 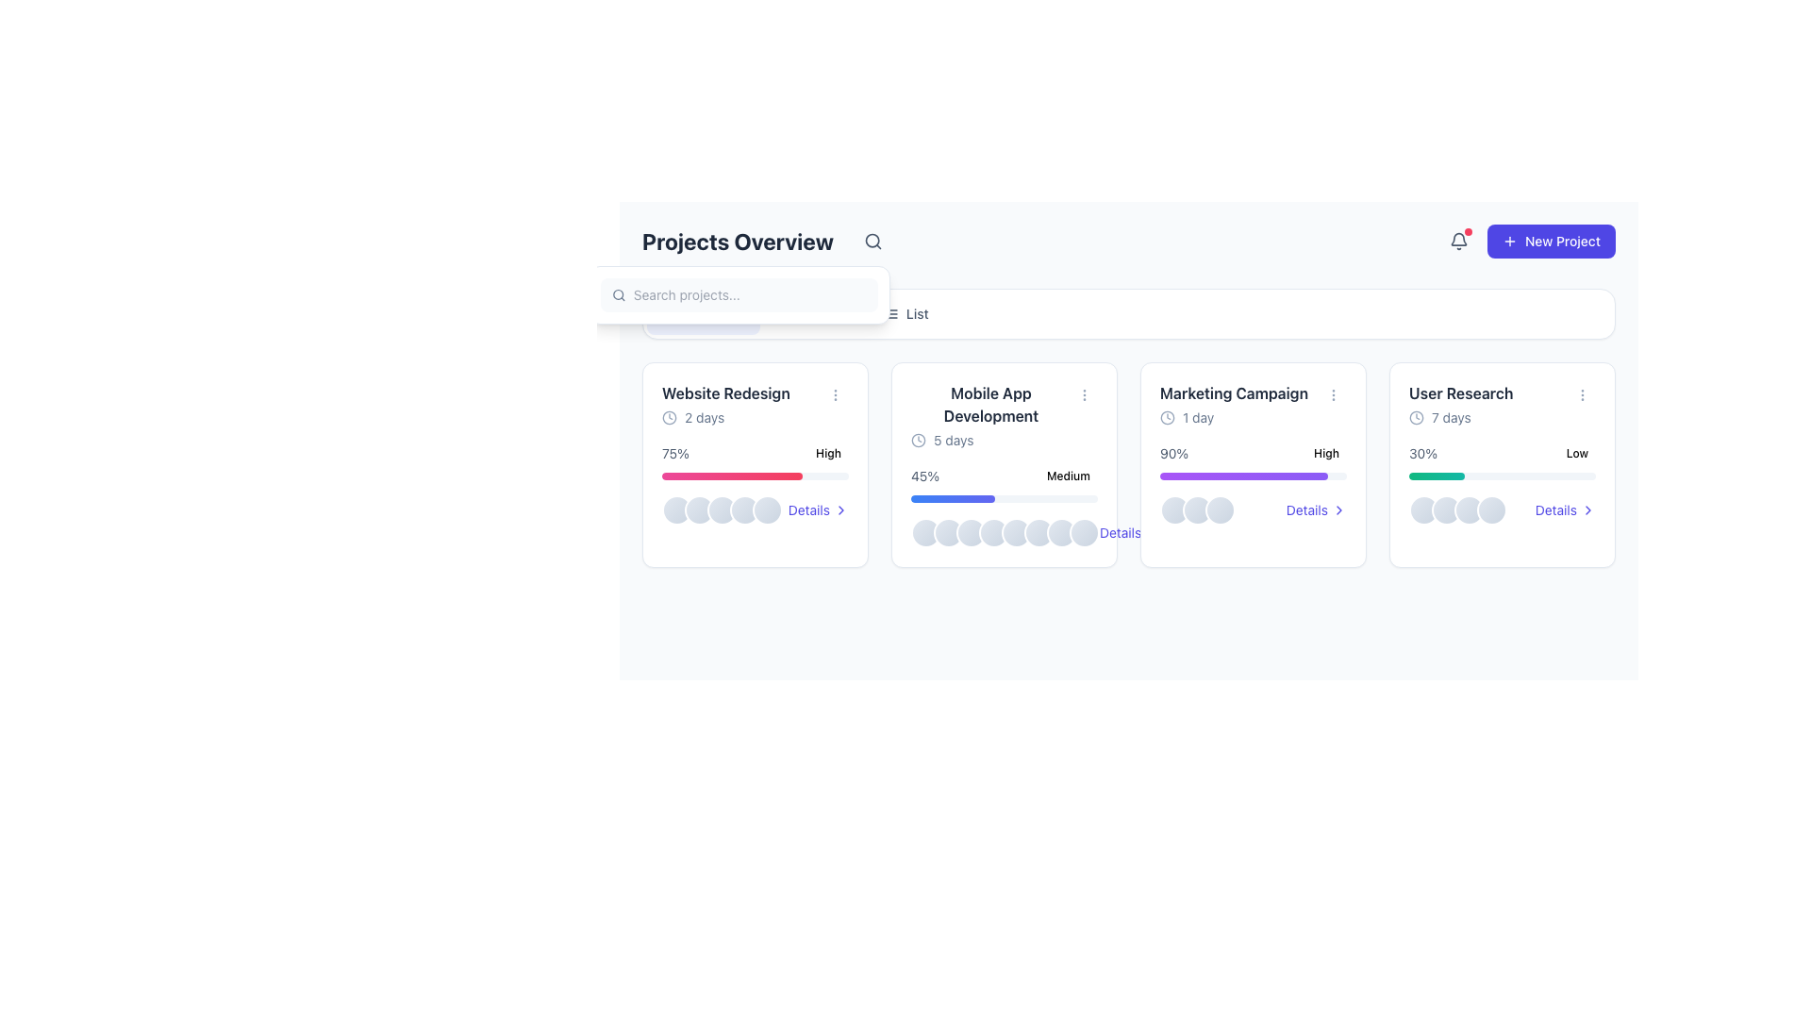 I want to click on the small round gray clock icon located to the left of the text '5 days' in the 'Mobile App Development' section of the 'Projects Overview' page, so click(x=919, y=440).